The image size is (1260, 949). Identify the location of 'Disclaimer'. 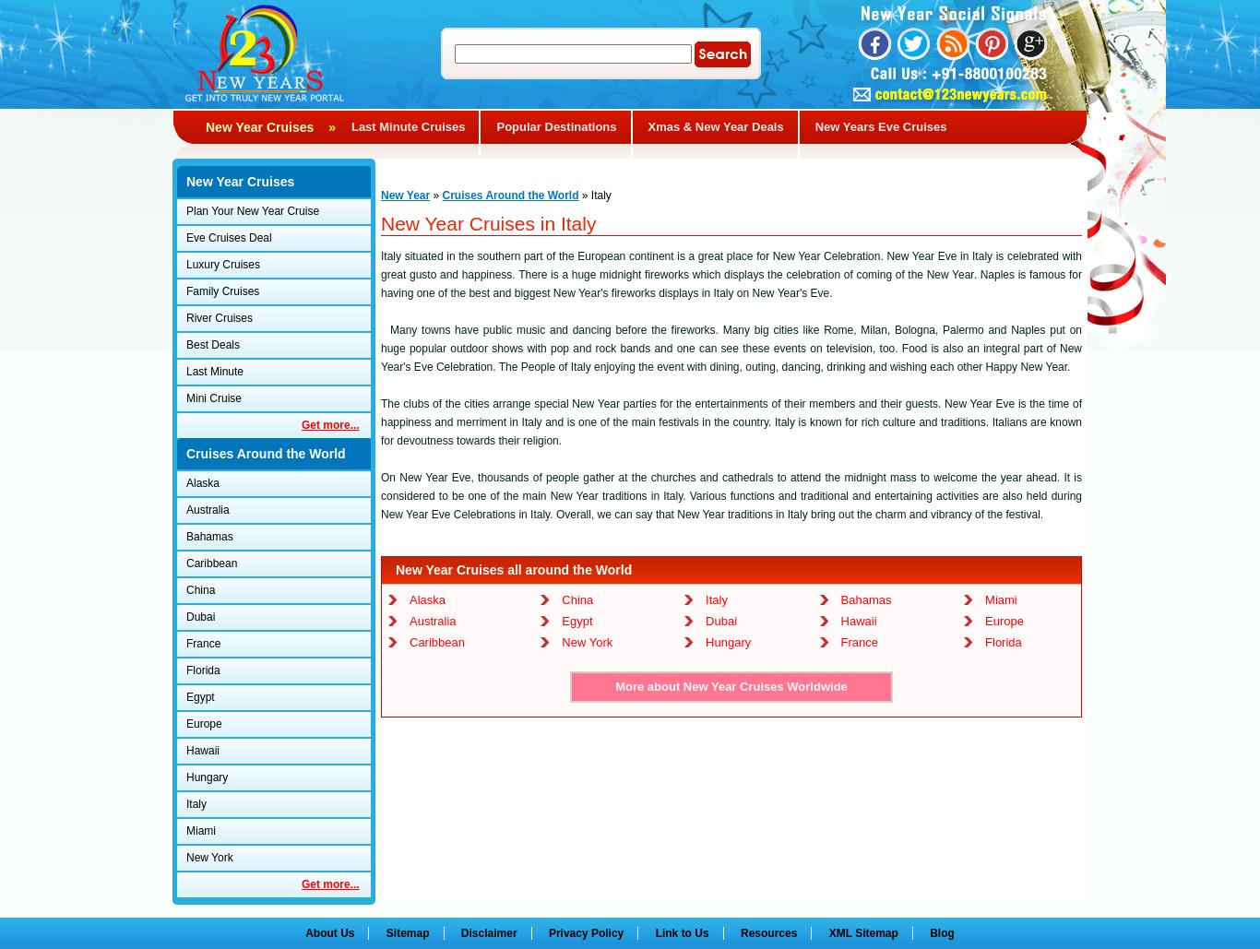
(459, 932).